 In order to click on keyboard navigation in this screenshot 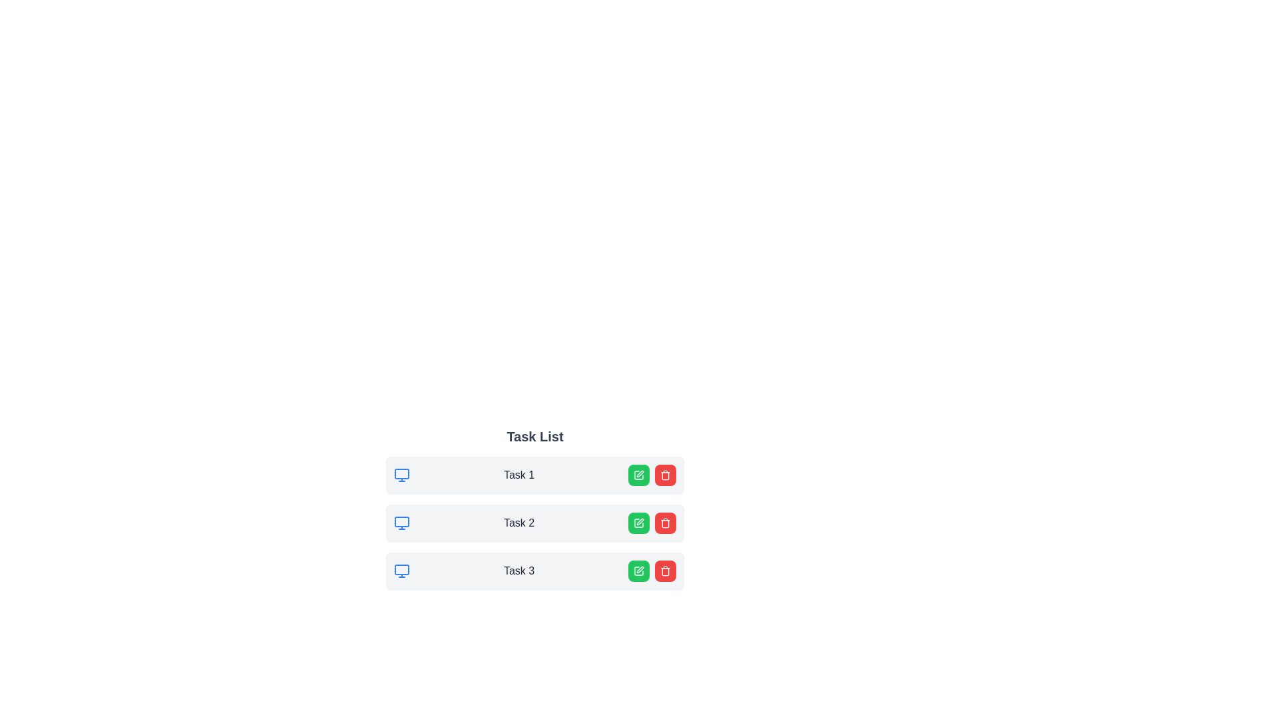, I will do `click(665, 523)`.